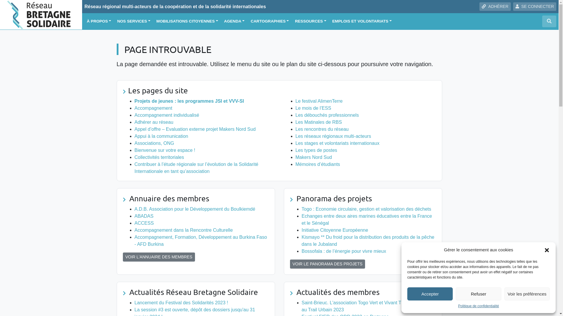  Describe the element at coordinates (513, 6) in the screenshot. I see `'SE CONNECTER'` at that location.